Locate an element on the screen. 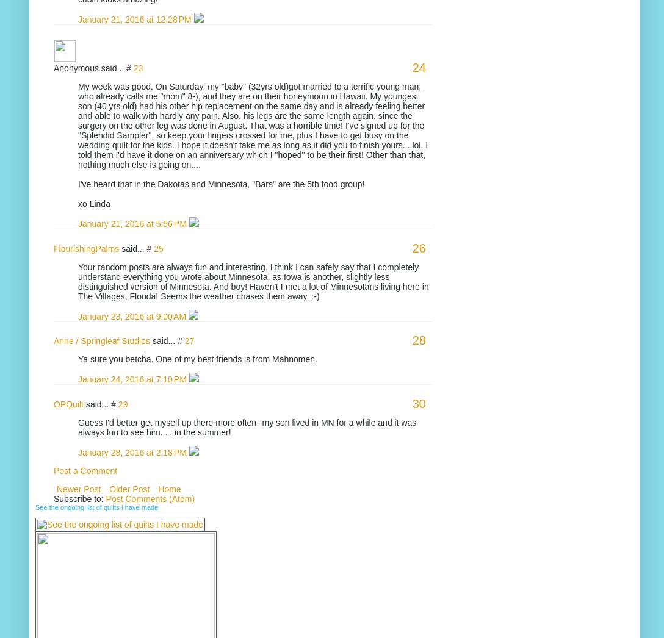 The image size is (664, 638). 'January 21, 2016 at 12:28 PM' is located at coordinates (78, 18).